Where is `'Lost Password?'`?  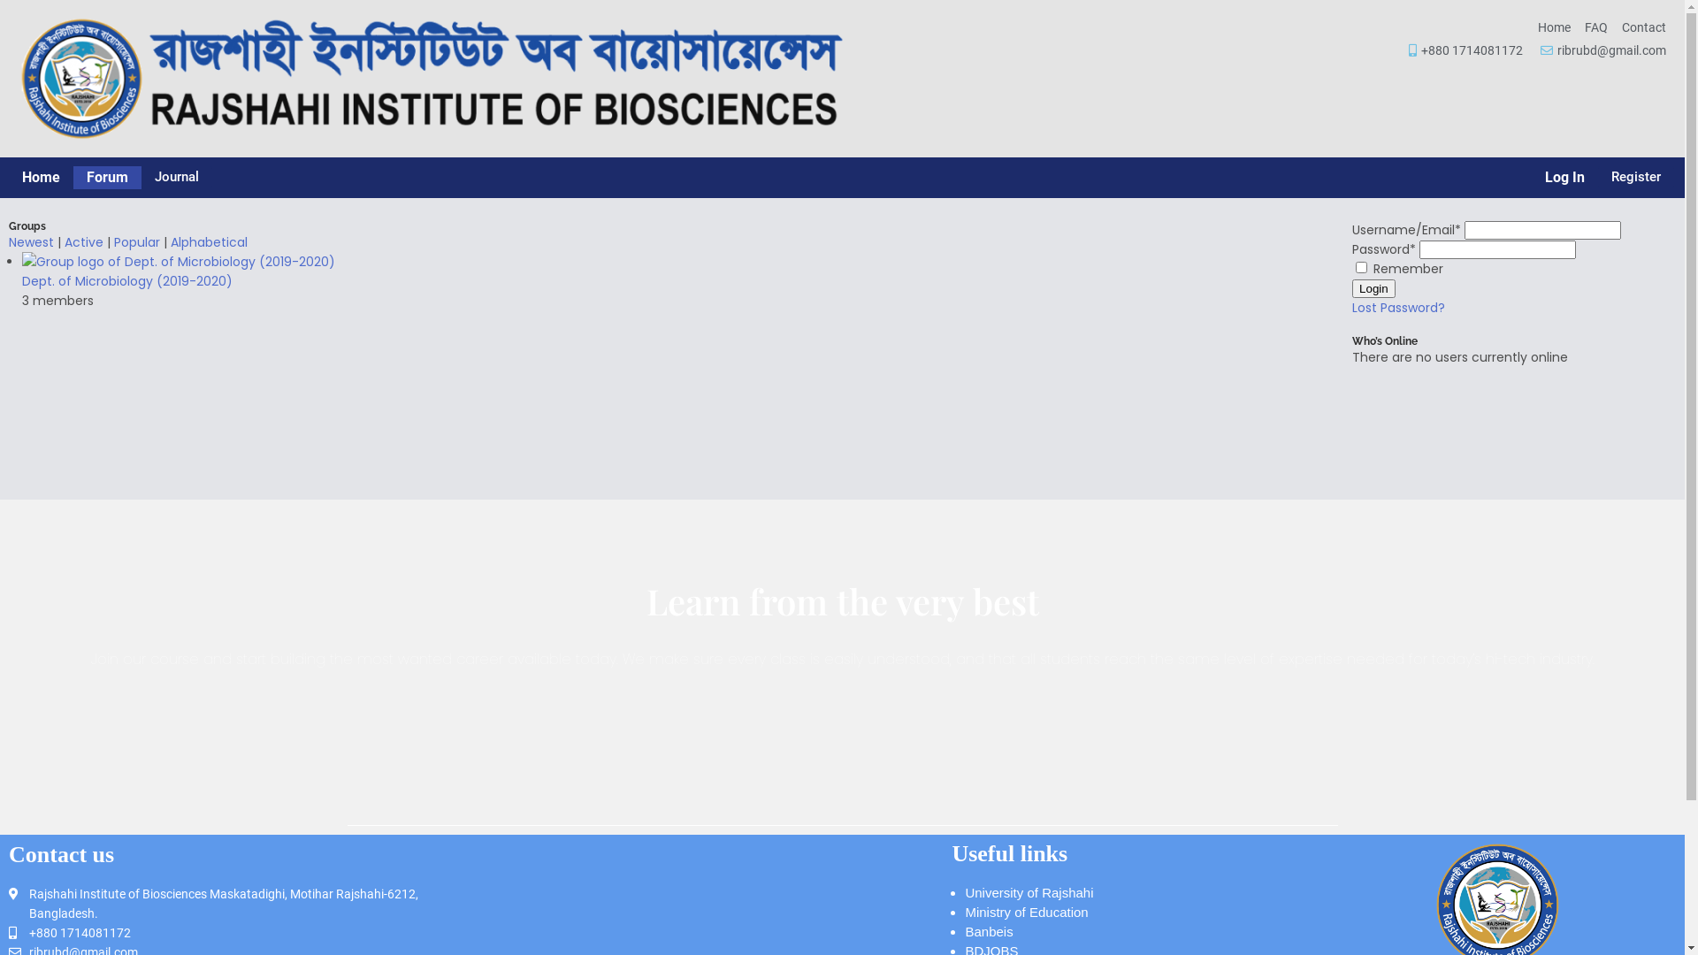 'Lost Password?' is located at coordinates (1397, 306).